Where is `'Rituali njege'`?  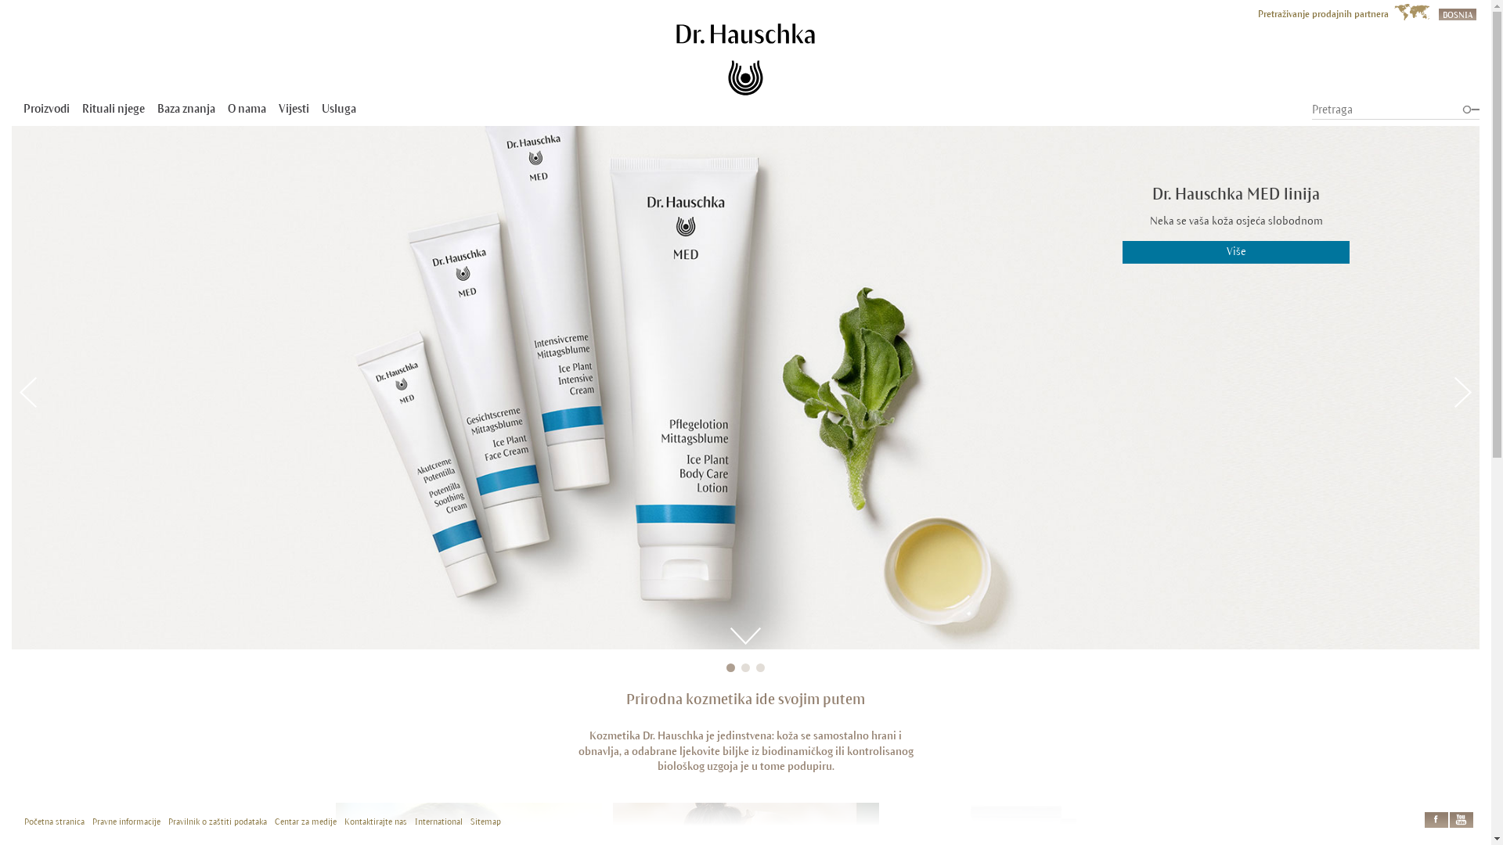
'Rituali njege' is located at coordinates (112, 107).